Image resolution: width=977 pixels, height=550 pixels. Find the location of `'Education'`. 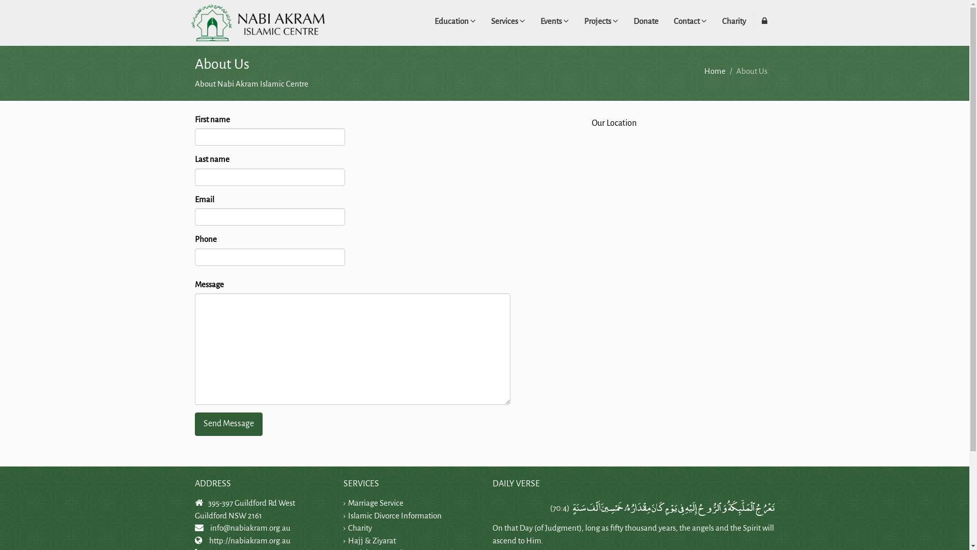

'Education' is located at coordinates (454, 21).